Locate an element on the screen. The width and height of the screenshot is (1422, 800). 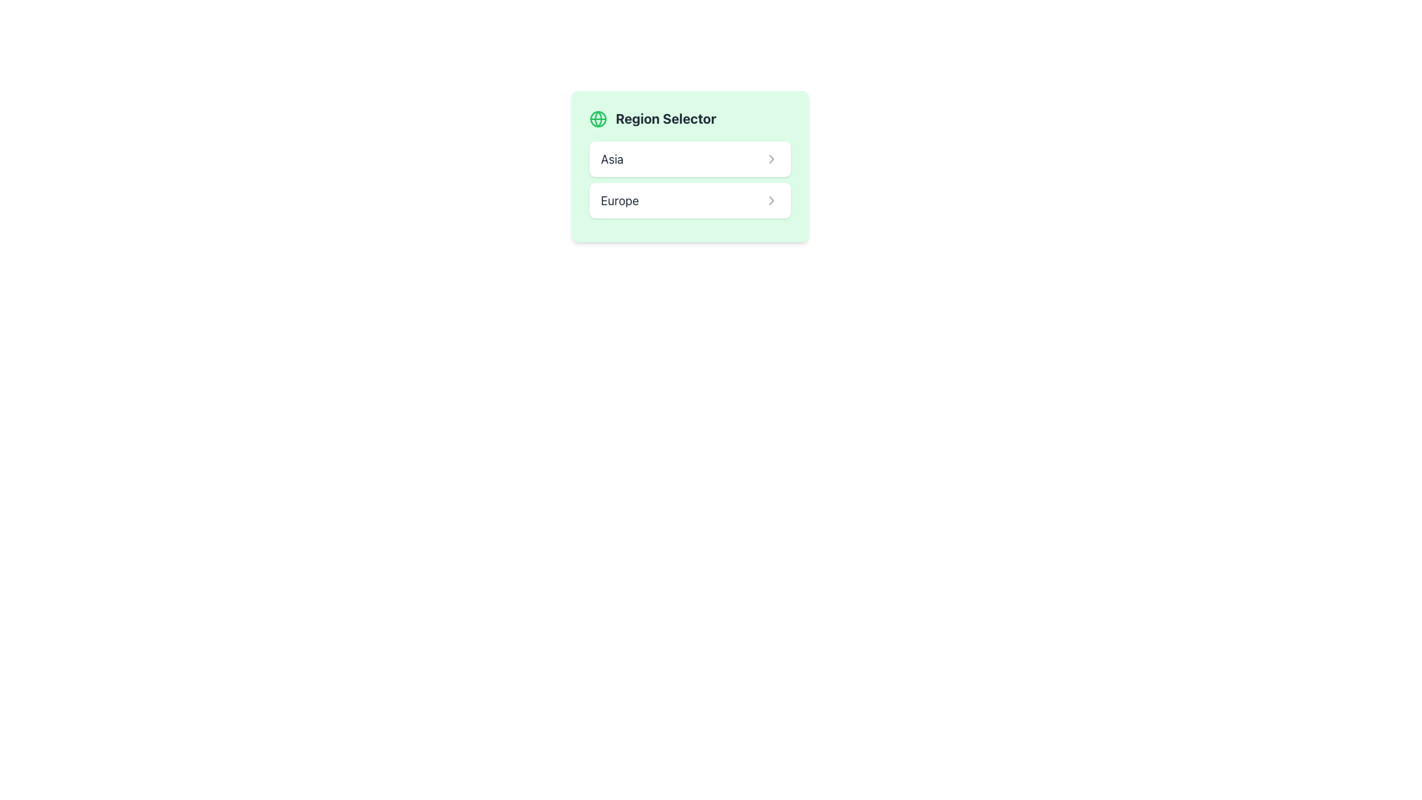
the chevron icon located at the far-right end of the row containing the text 'Asia' is located at coordinates (770, 159).